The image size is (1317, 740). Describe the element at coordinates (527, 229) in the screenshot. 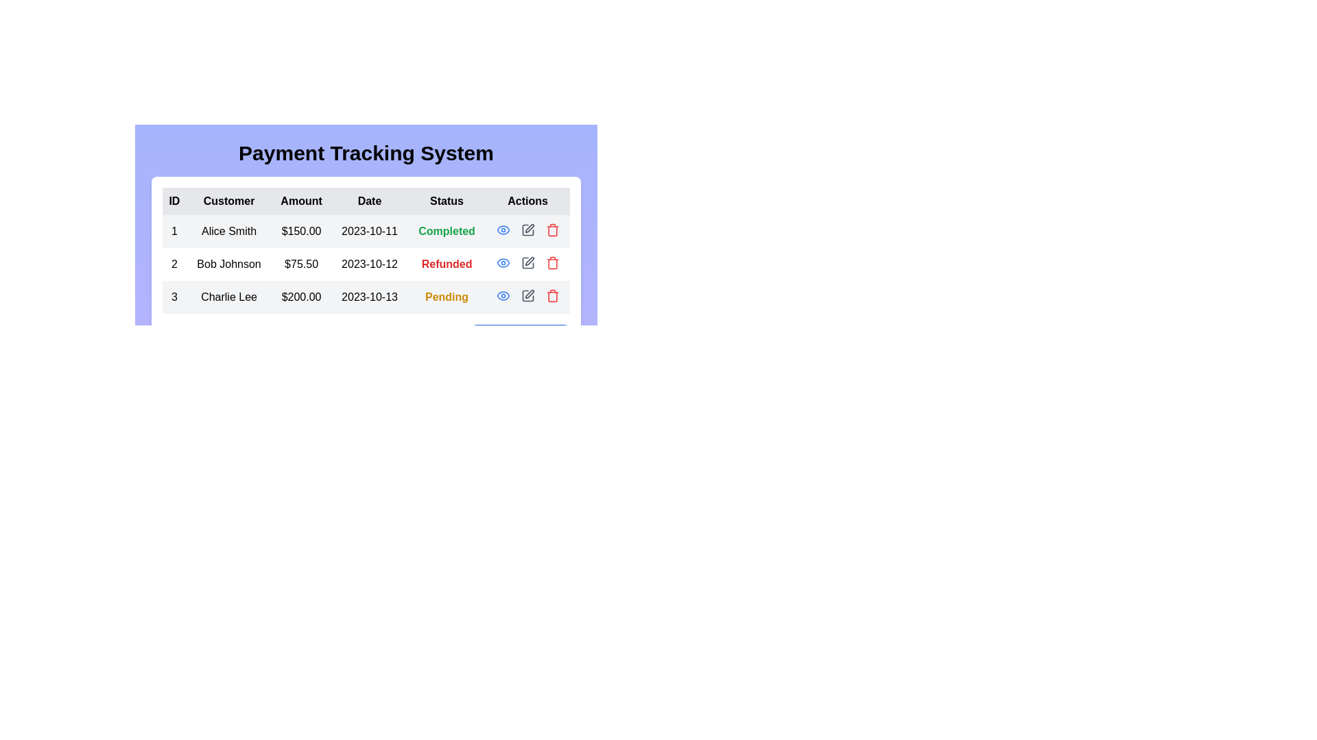

I see `the edit button in the 'Actions' column of the second row for 'Bob Johnson'` at that location.